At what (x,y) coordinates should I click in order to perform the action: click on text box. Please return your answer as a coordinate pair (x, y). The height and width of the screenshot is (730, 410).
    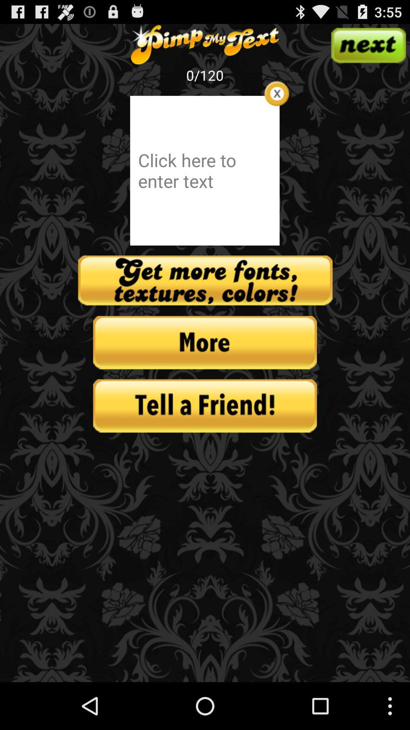
    Looking at the image, I should click on (277, 93).